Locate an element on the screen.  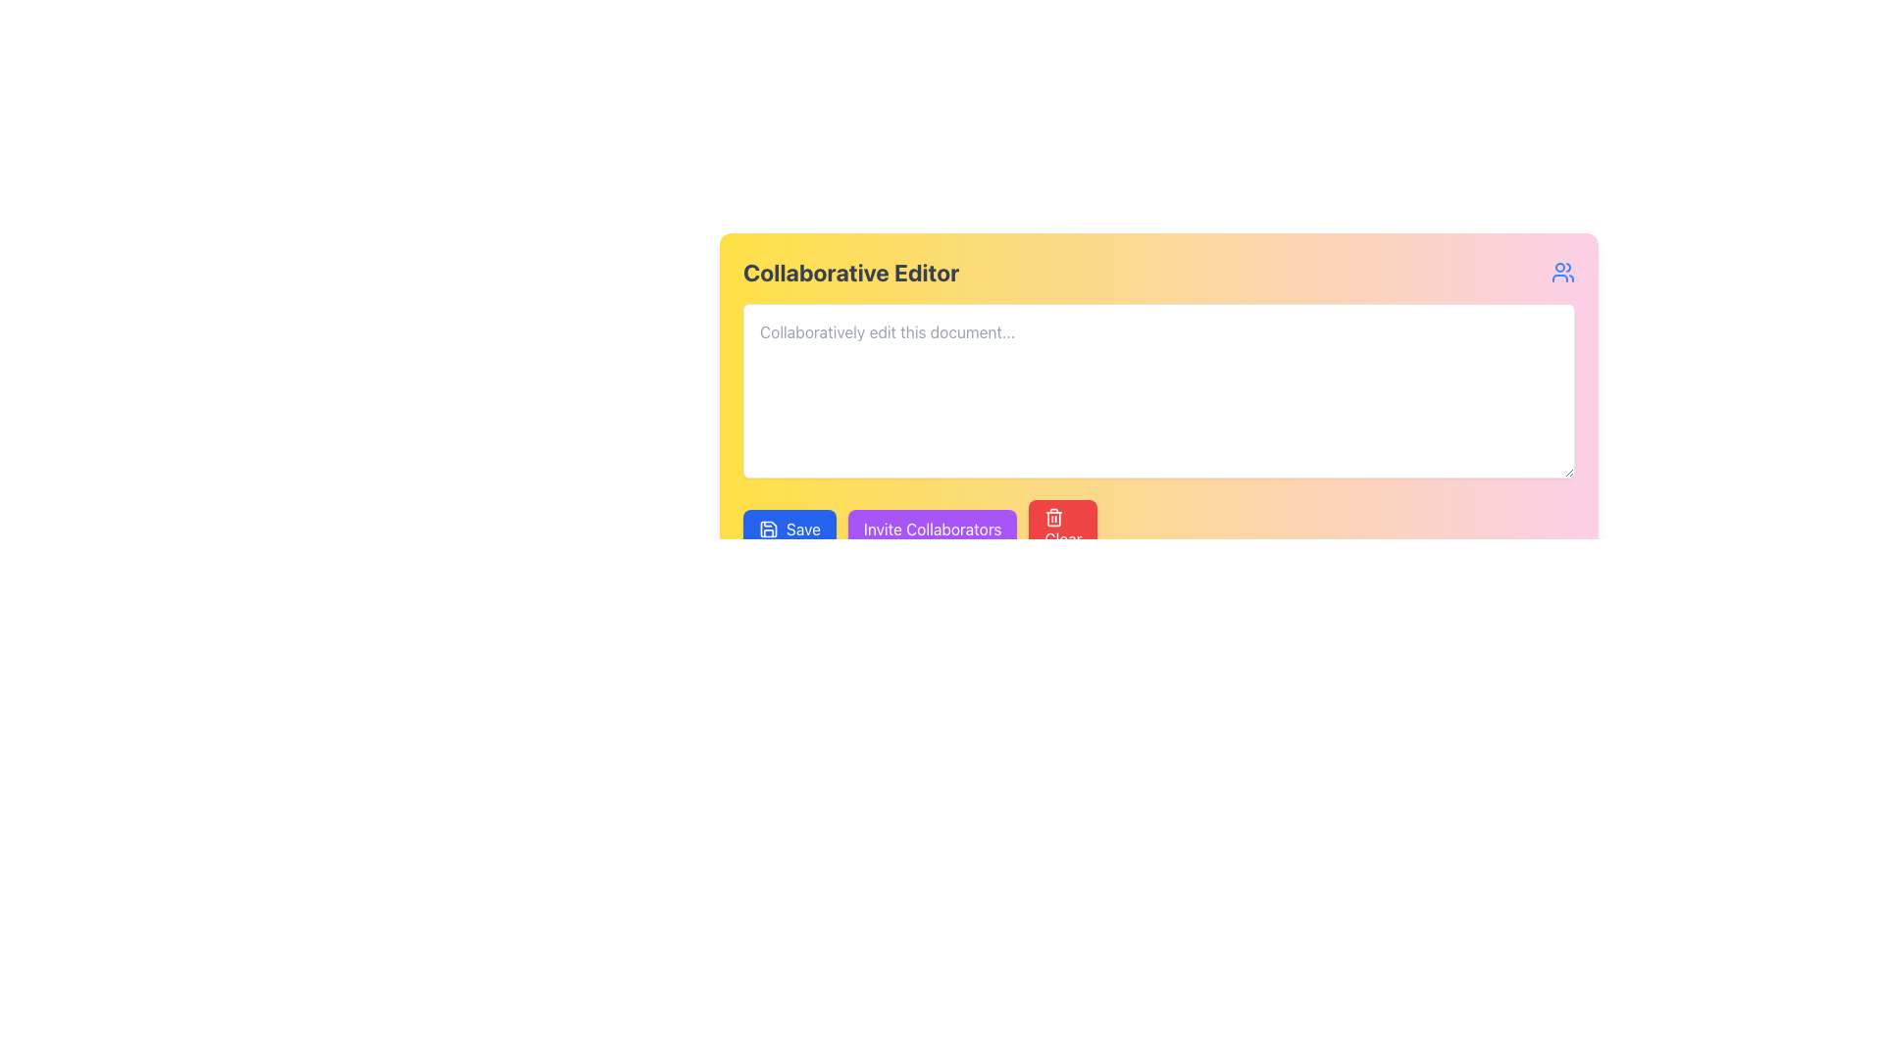
the prominent text label 'Collaborative Editor' styled in bold against a yellowish gradient background is located at coordinates (851, 272).